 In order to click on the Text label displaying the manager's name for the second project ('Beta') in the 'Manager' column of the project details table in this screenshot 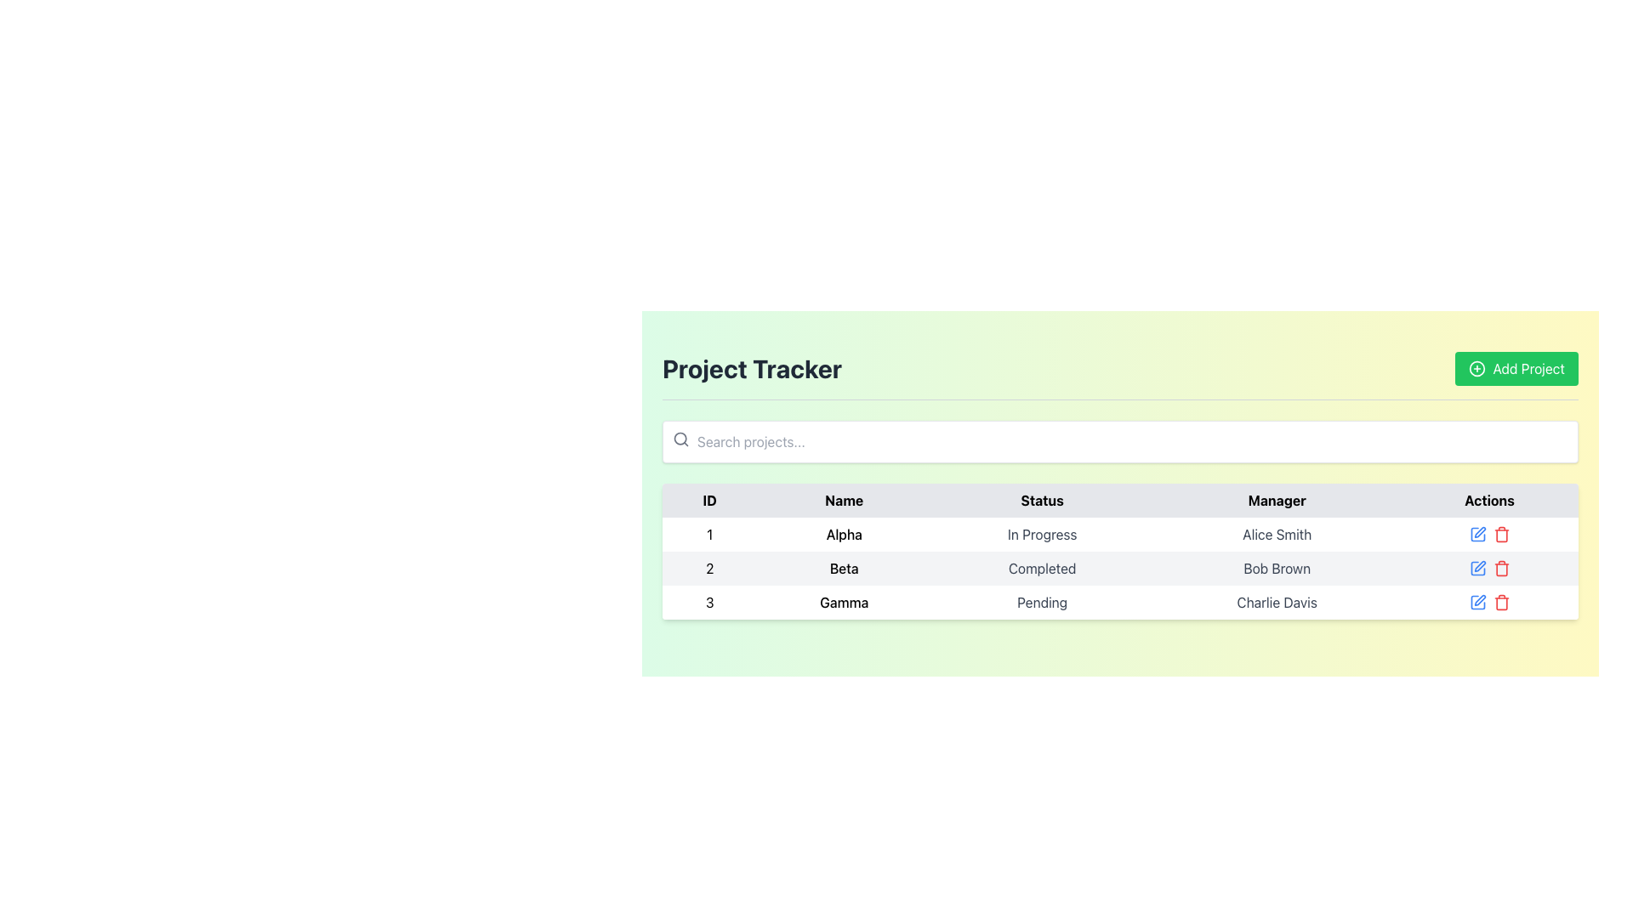, I will do `click(1277, 568)`.